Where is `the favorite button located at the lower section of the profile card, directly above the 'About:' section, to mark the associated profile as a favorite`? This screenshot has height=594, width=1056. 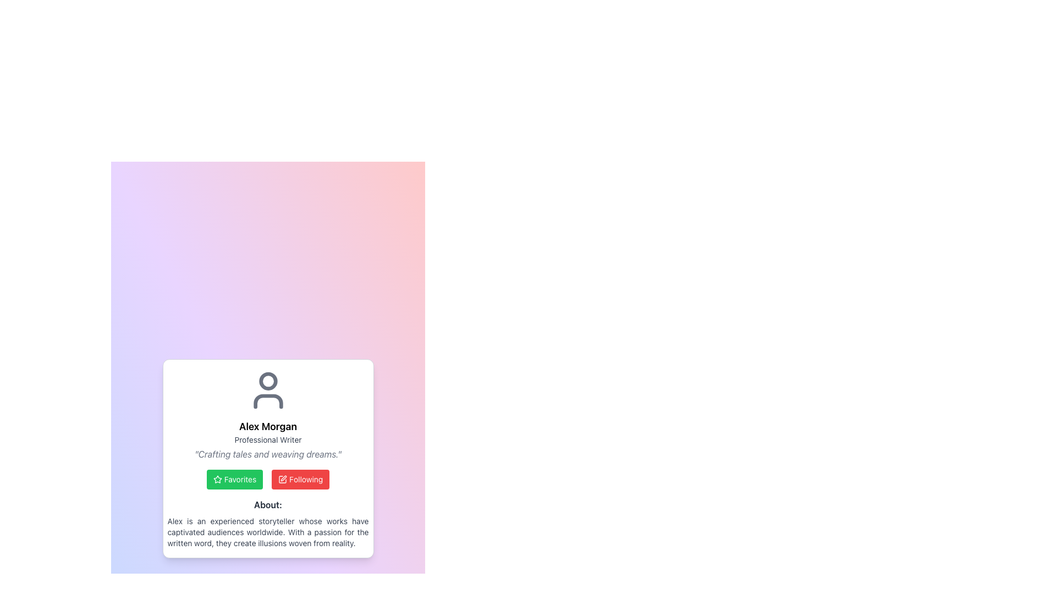 the favorite button located at the lower section of the profile card, directly above the 'About:' section, to mark the associated profile as a favorite is located at coordinates (234, 479).